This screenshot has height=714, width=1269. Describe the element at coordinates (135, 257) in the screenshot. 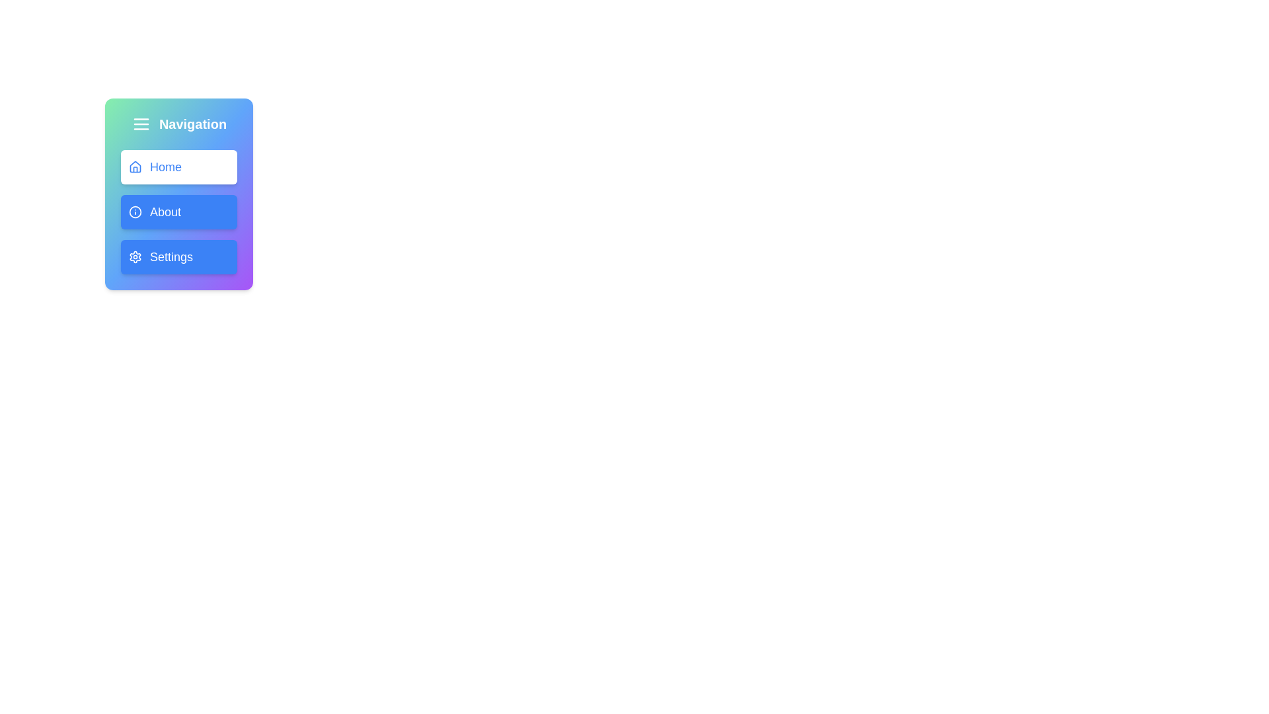

I see `the gear-shaped settings icon located on the left side of the 'Settings' text in the vertical navigation menu` at that location.